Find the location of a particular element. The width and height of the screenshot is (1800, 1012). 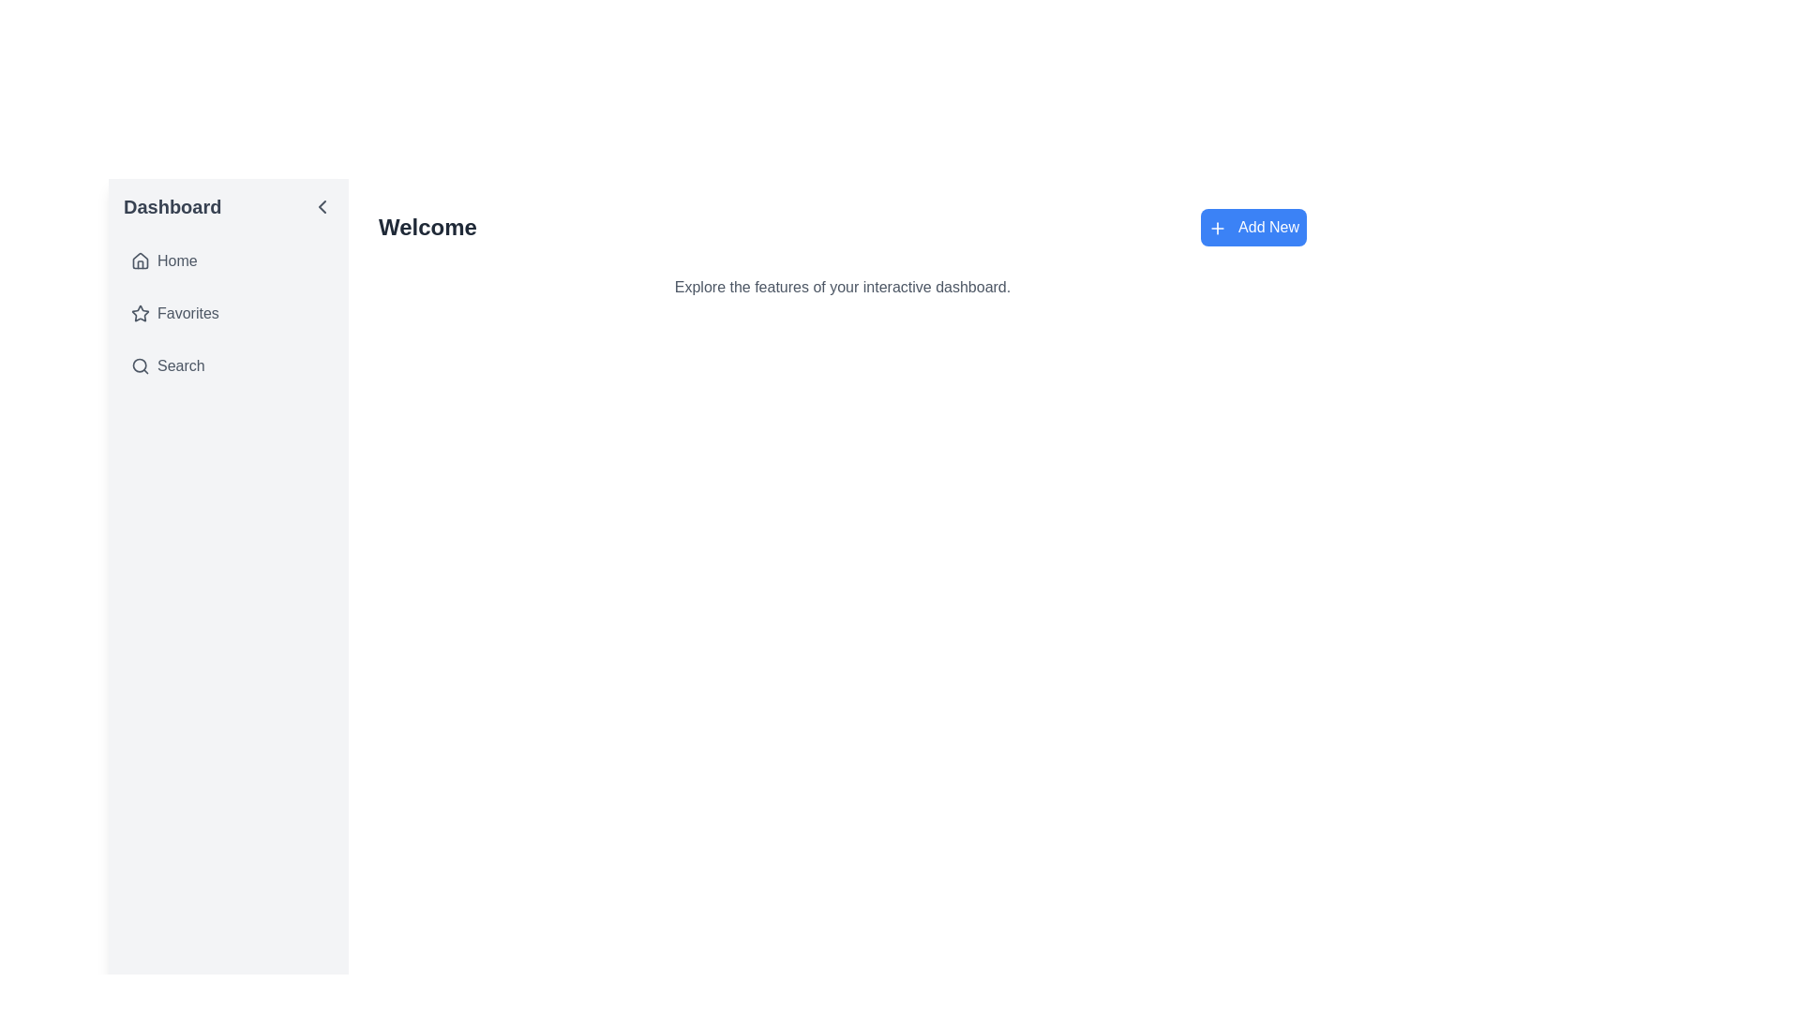

the star icon in the navigation menu under the 'Favorites' section, which serves as a visual marker for favorites is located at coordinates (139, 312).